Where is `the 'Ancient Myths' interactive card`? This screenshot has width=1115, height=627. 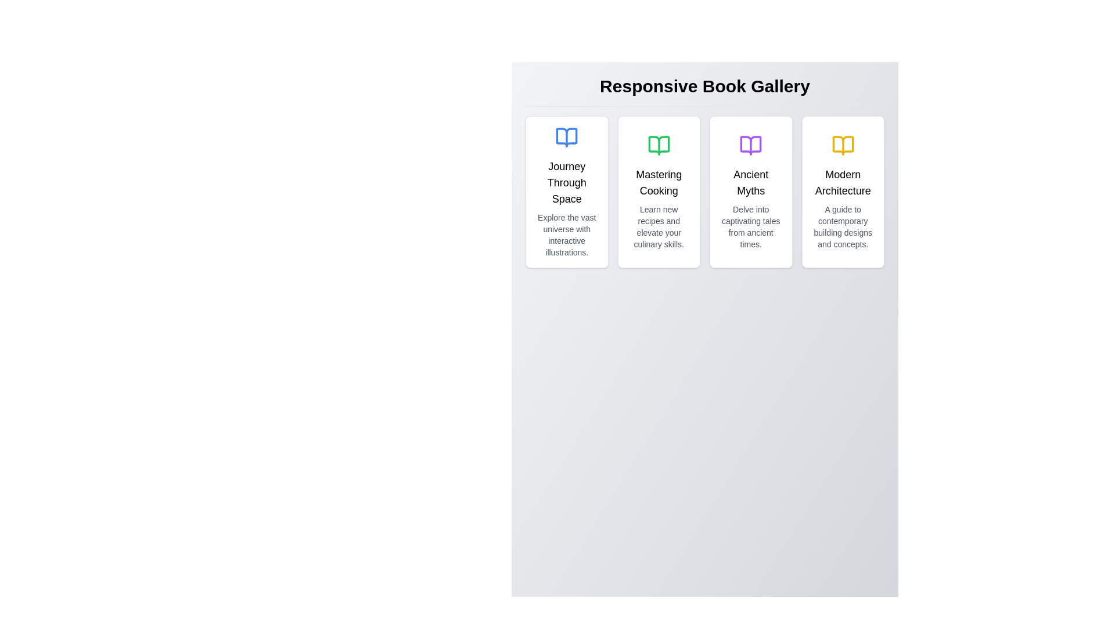 the 'Ancient Myths' interactive card is located at coordinates (751, 192).